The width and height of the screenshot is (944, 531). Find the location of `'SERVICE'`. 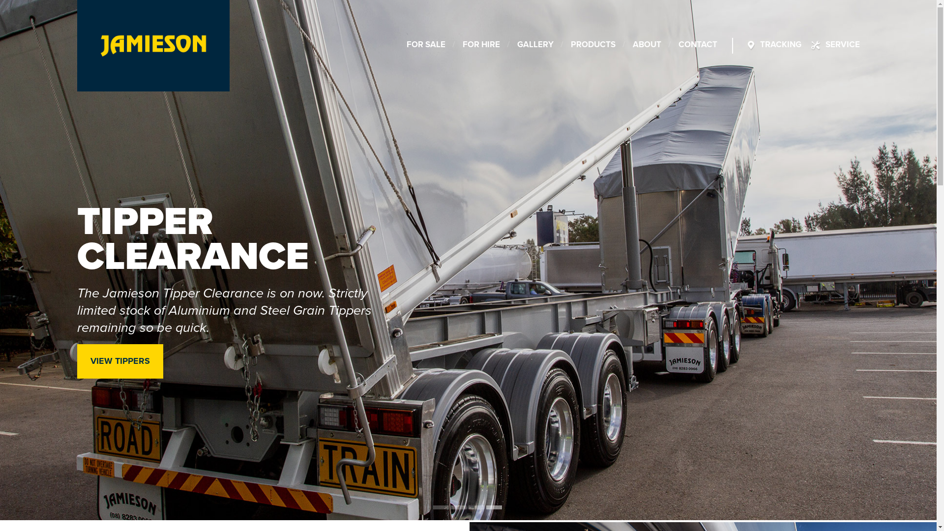

'SERVICE' is located at coordinates (842, 45).